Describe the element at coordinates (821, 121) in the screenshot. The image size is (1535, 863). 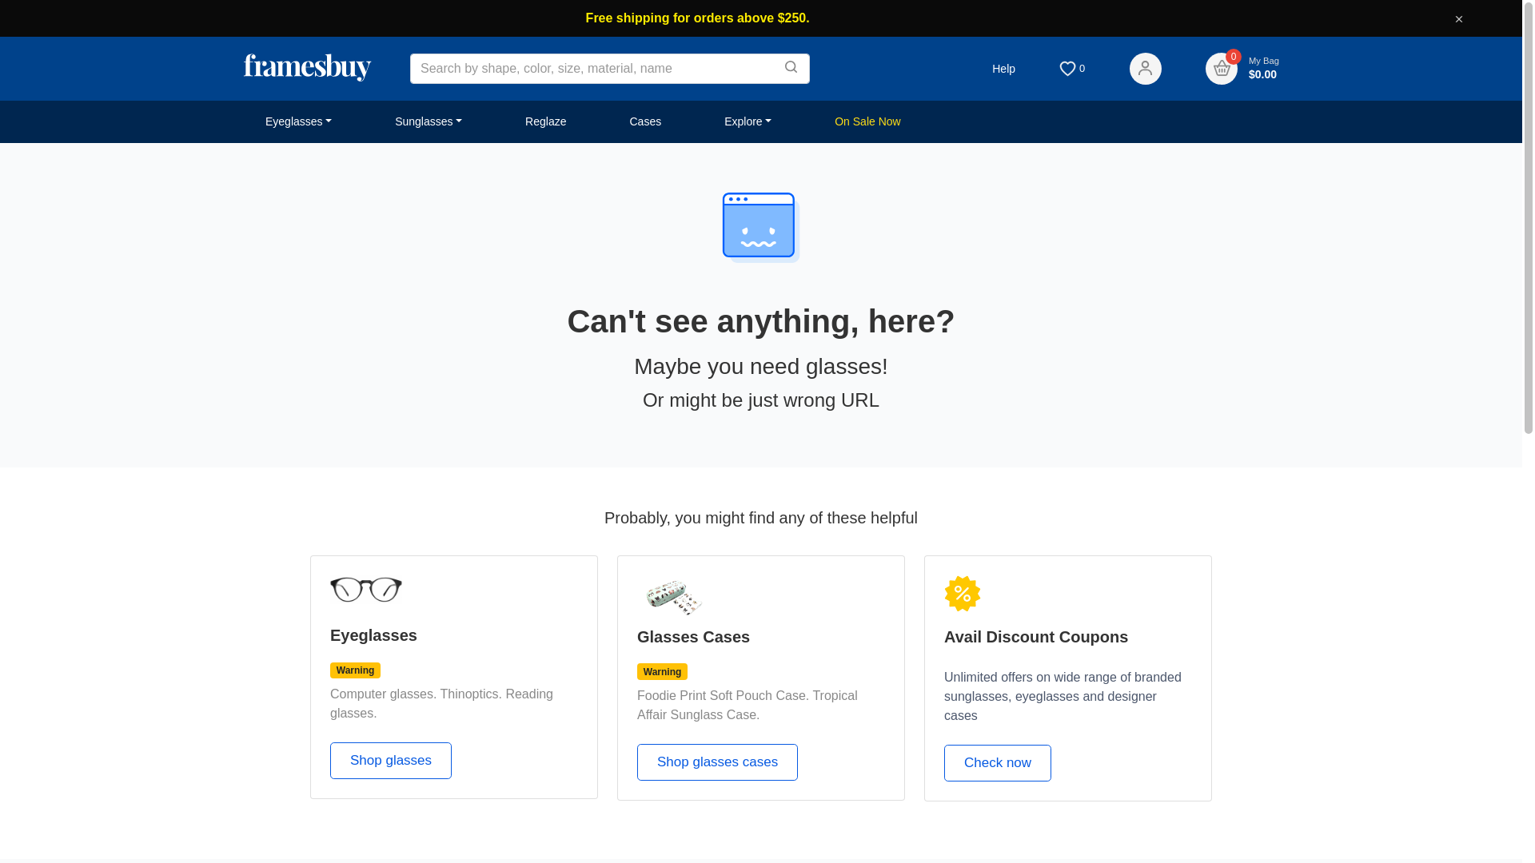
I see `'On Sale Now'` at that location.